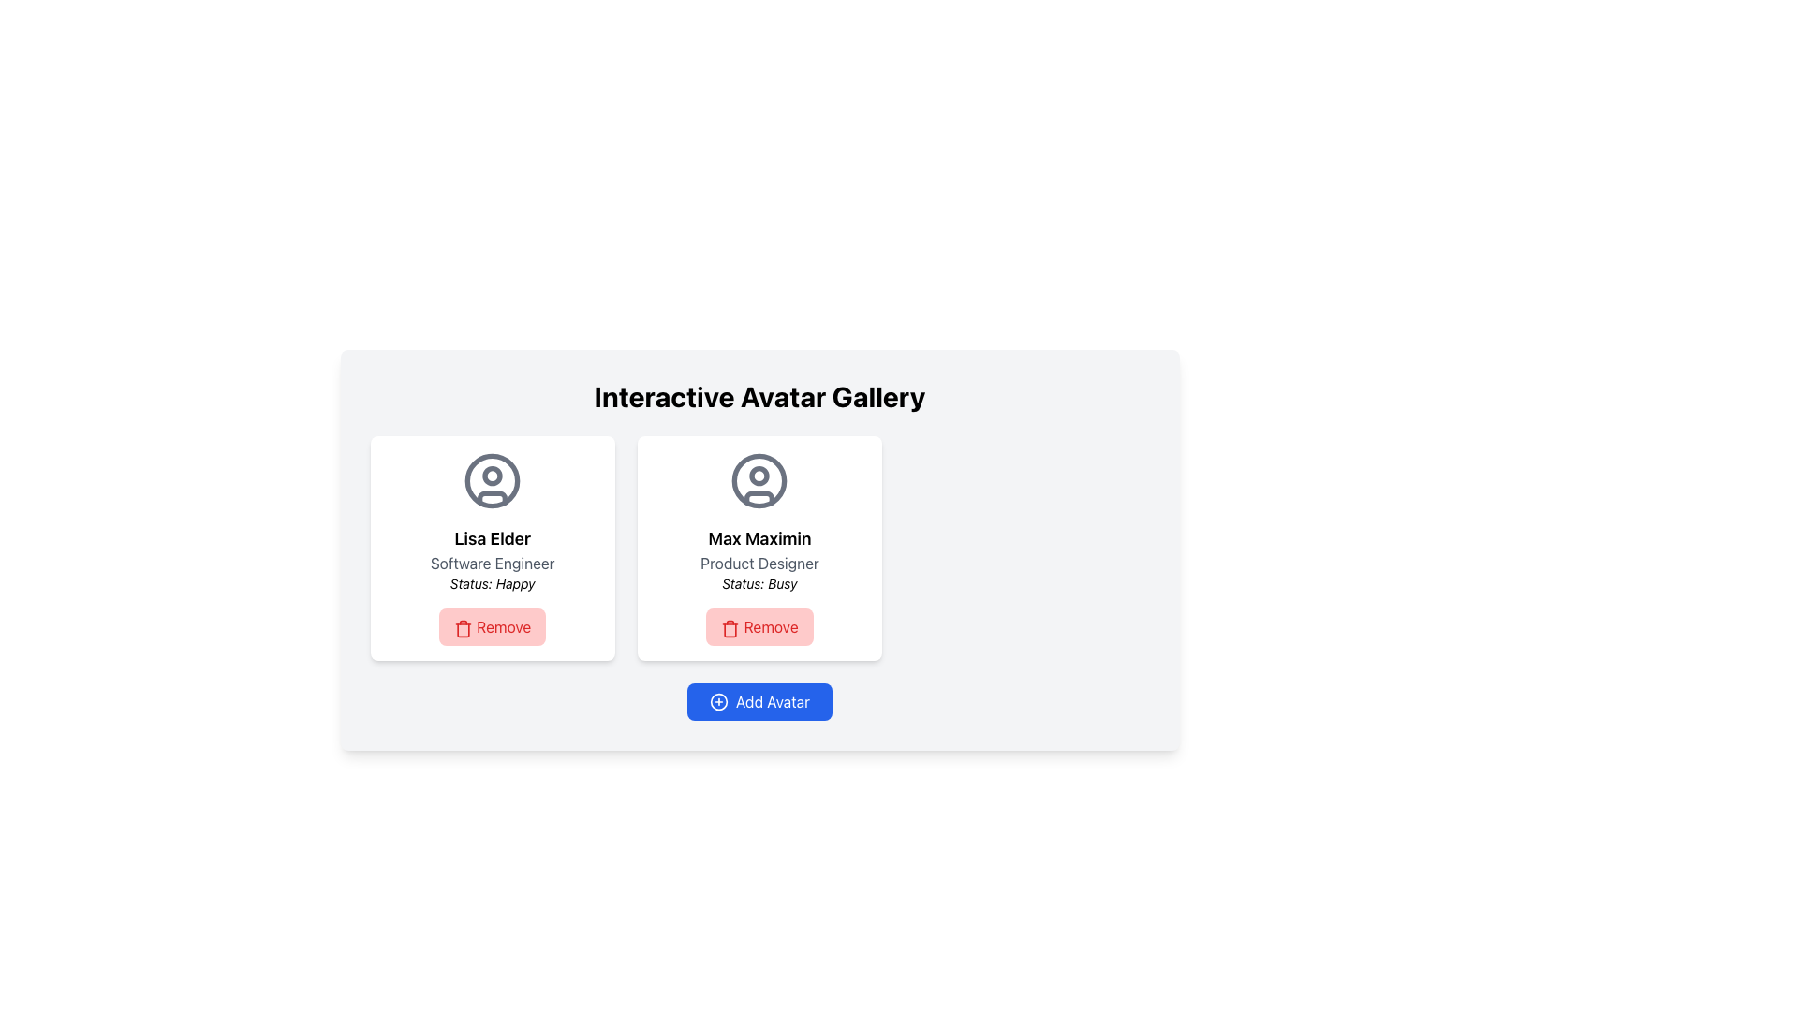  I want to click on the status indicator text label that shows 'Max Maximin' is 'Busy', located below 'Product Designer' in the profile card, so click(759, 583).